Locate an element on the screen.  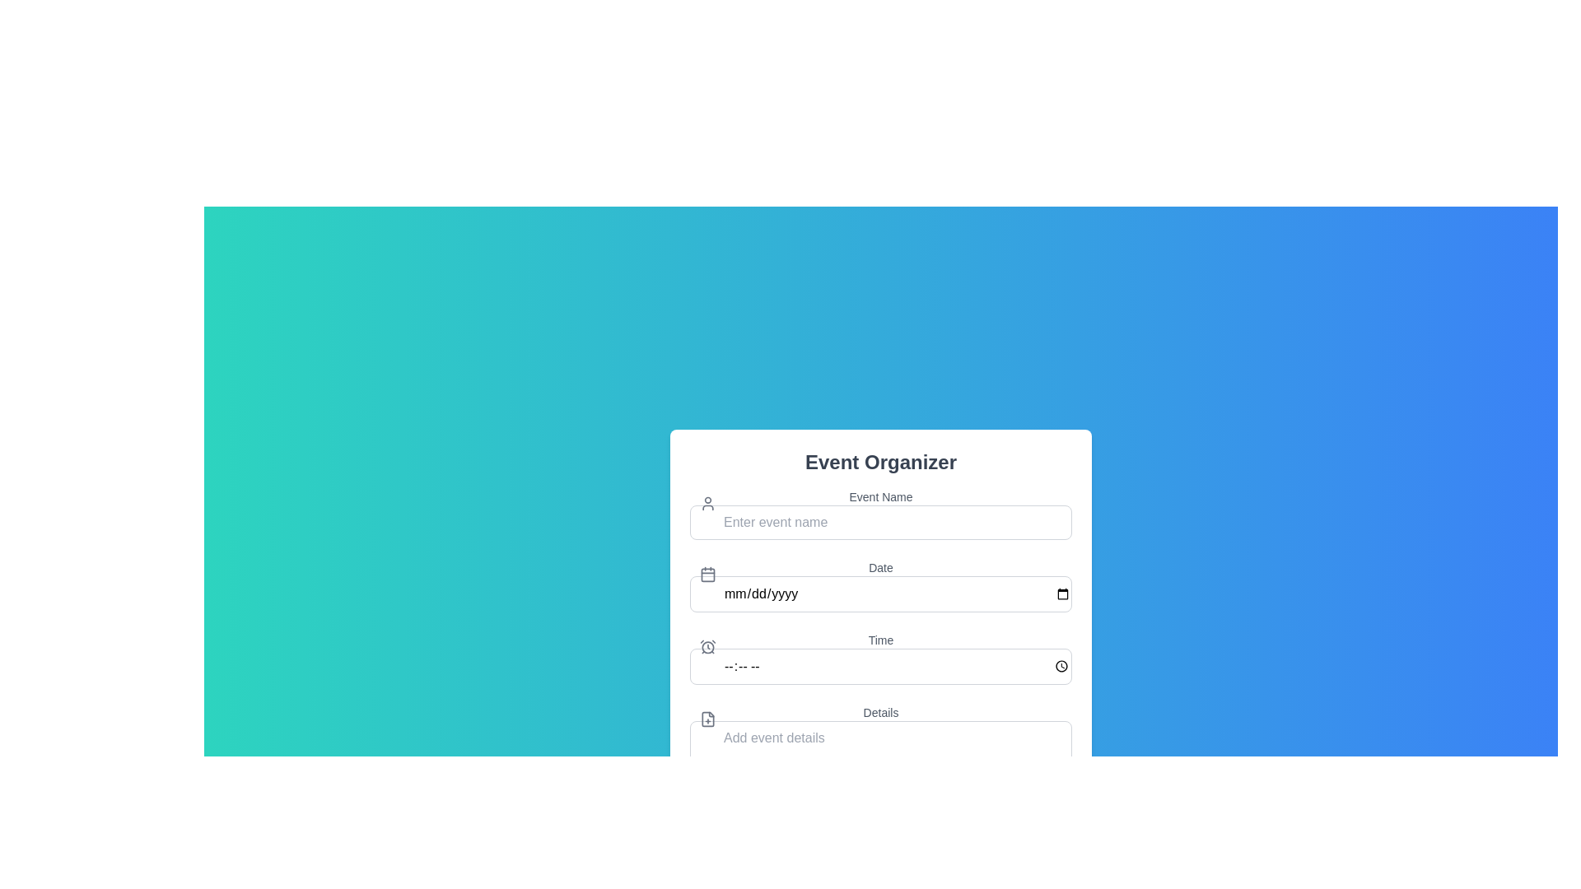
the third interactive Time Input Field located below the 'Date' field and above the 'Details' field is located at coordinates (880, 657).